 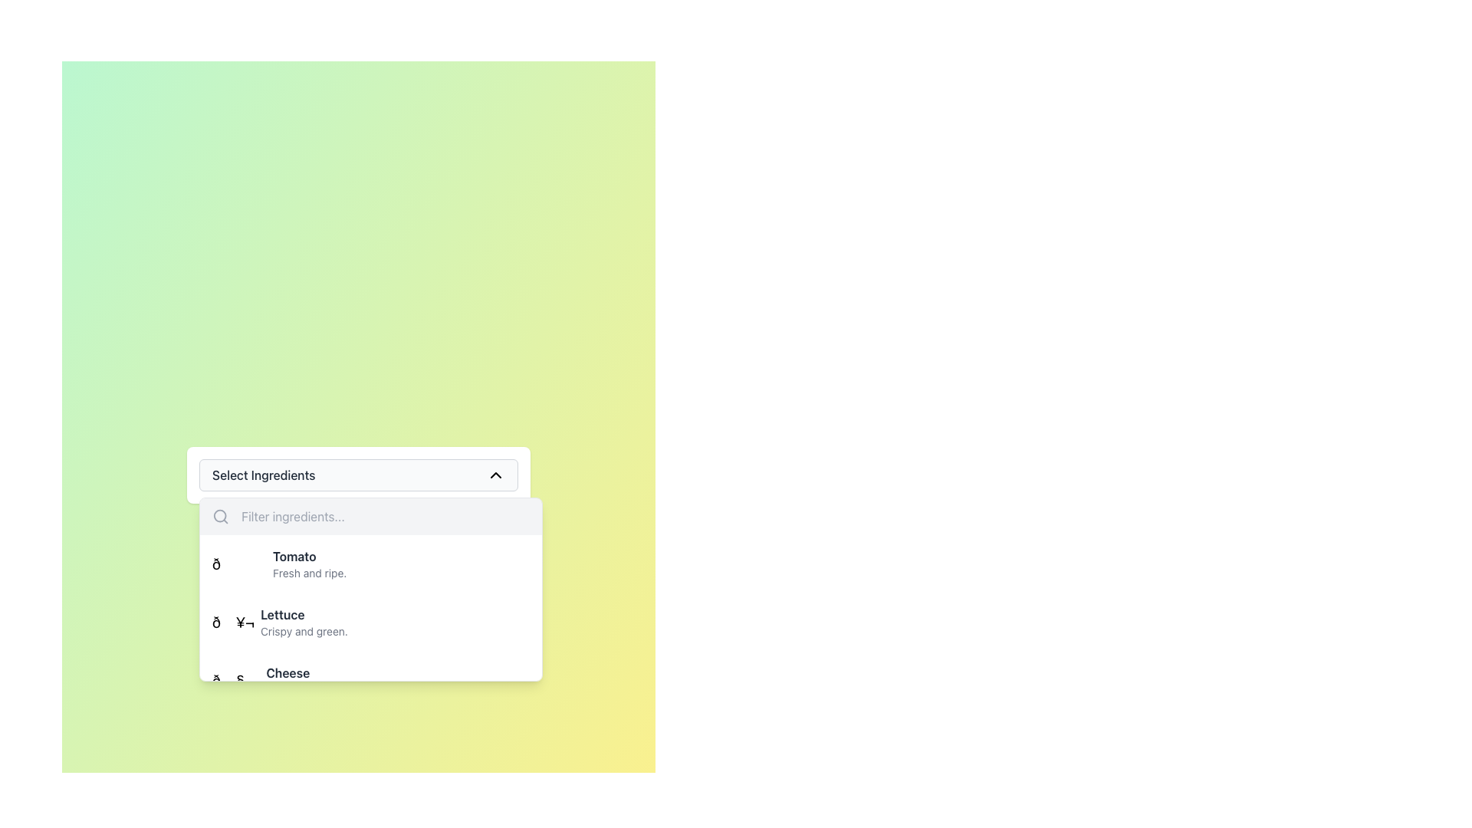 What do you see at coordinates (371, 623) in the screenshot?
I see `the menu item for 'Lettuce' located in the second row under 'Select Ingredients'` at bounding box center [371, 623].